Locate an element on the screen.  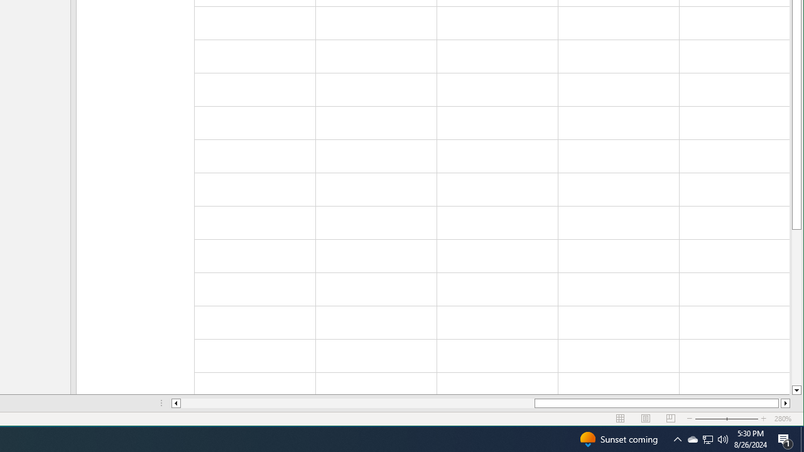
'Page Break Preview' is located at coordinates (670, 419).